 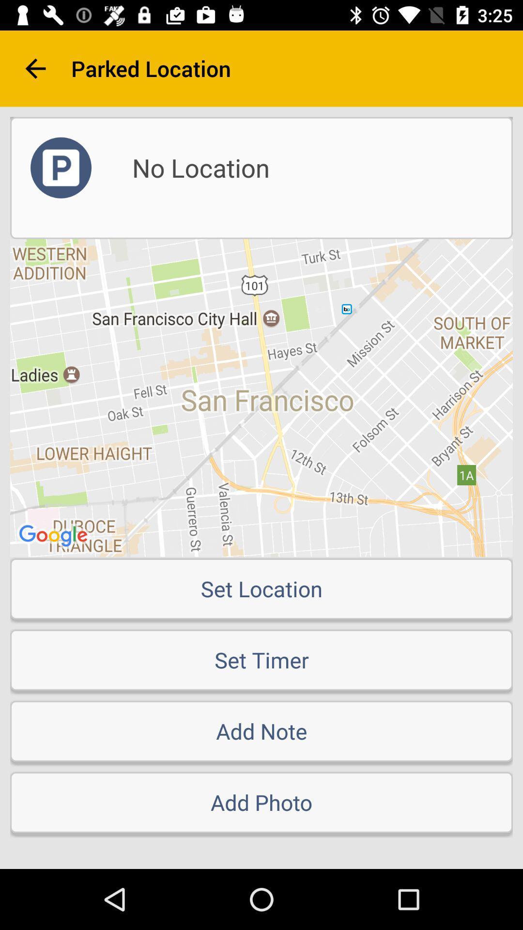 I want to click on the item above the add photo, so click(x=261, y=731).